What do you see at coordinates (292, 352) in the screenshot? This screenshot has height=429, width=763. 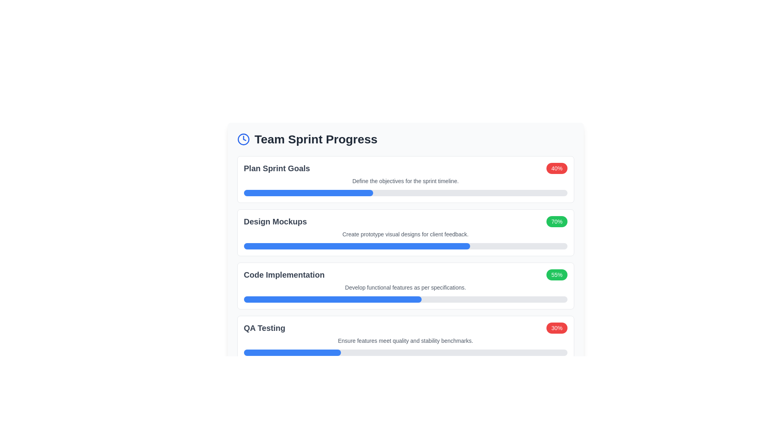 I see `the filled portion of the blue horizontal progress bar segment located within the fourth row labeled 'QA Testing'` at bounding box center [292, 352].